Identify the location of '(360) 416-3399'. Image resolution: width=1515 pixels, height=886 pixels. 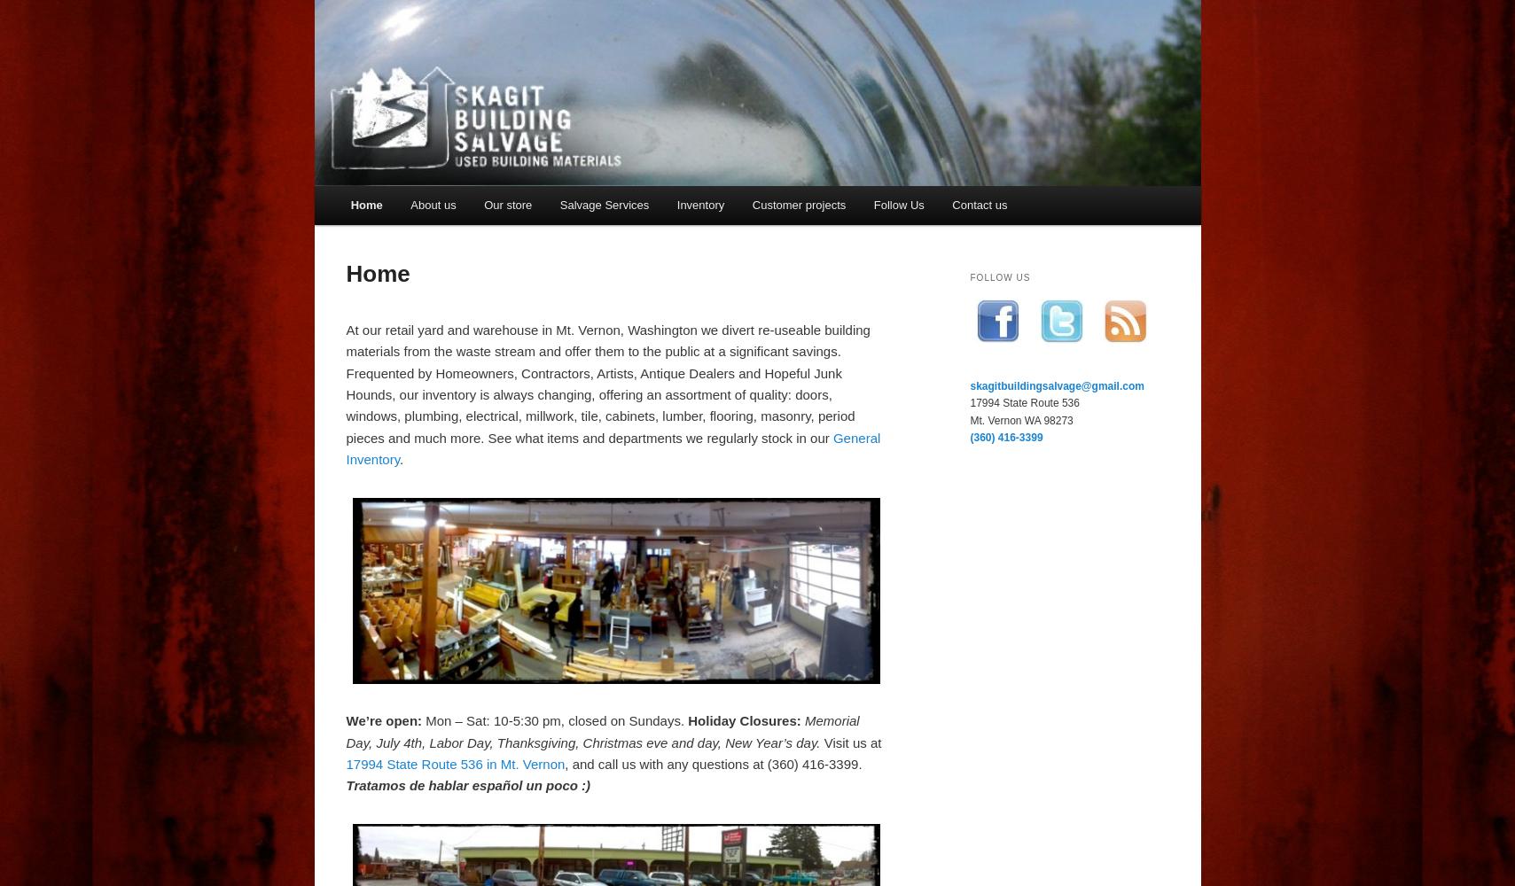
(1005, 437).